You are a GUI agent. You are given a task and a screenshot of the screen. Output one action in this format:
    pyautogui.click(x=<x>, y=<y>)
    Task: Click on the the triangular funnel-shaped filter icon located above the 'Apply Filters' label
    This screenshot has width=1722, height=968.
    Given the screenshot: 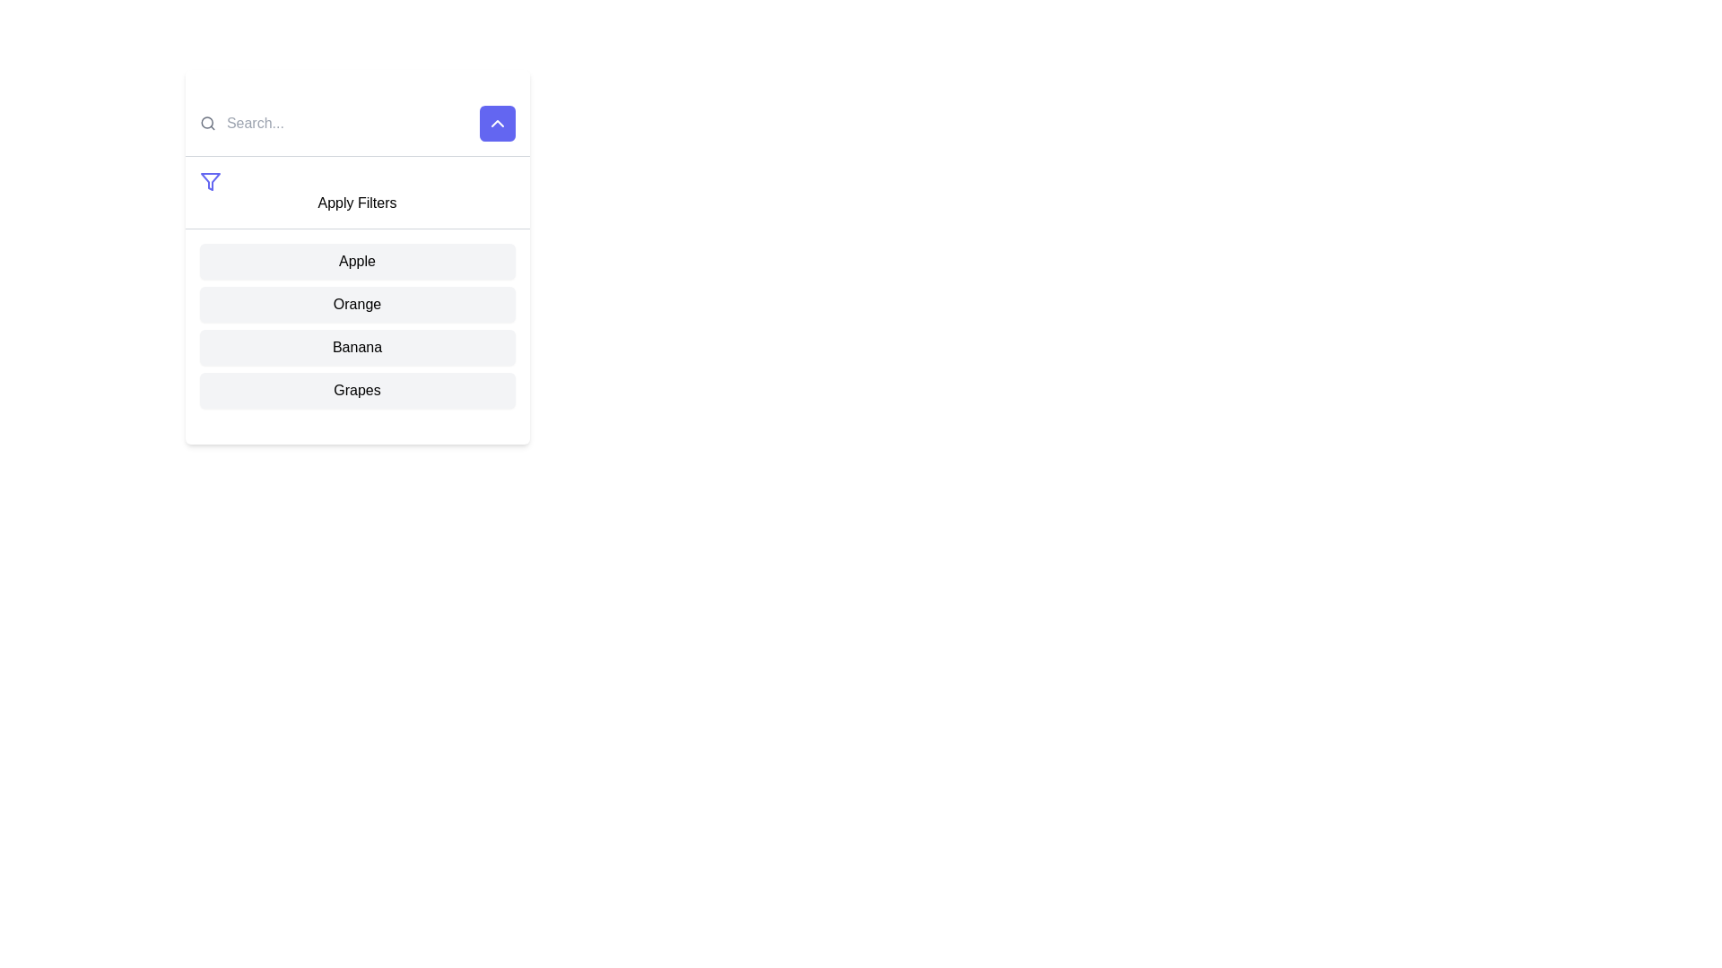 What is the action you would take?
    pyautogui.click(x=210, y=182)
    